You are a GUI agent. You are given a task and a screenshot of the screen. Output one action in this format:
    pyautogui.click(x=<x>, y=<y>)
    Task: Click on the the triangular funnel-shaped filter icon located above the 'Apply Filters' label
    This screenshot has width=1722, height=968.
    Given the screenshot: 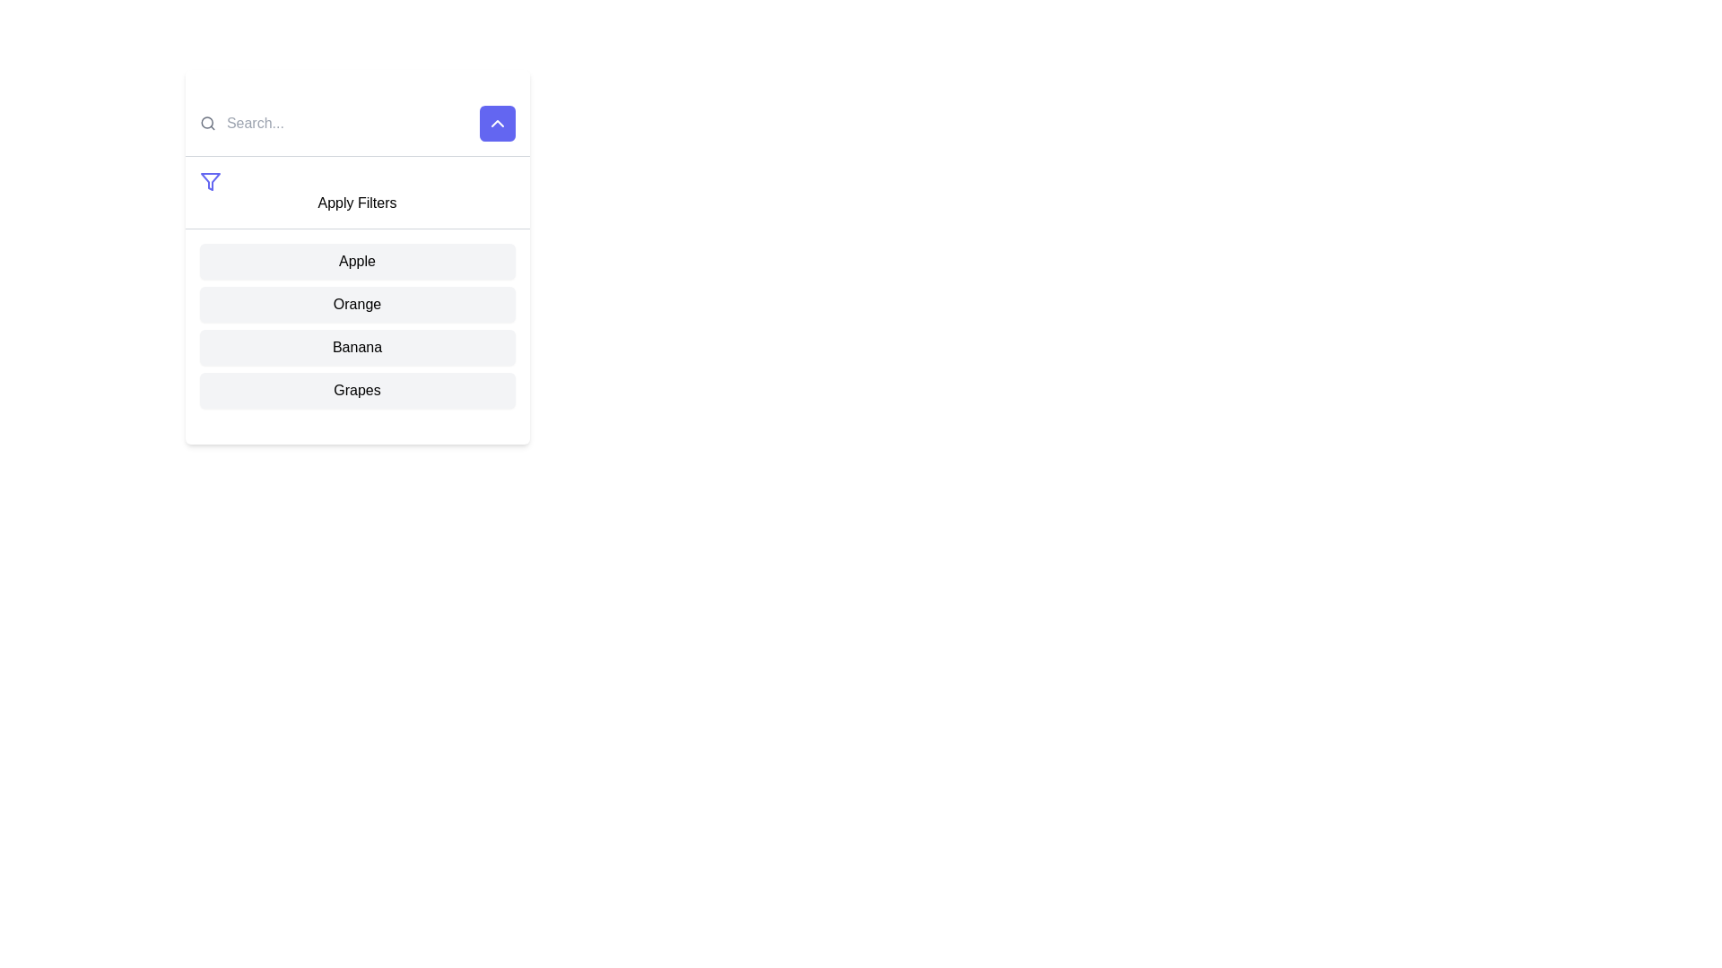 What is the action you would take?
    pyautogui.click(x=210, y=182)
    